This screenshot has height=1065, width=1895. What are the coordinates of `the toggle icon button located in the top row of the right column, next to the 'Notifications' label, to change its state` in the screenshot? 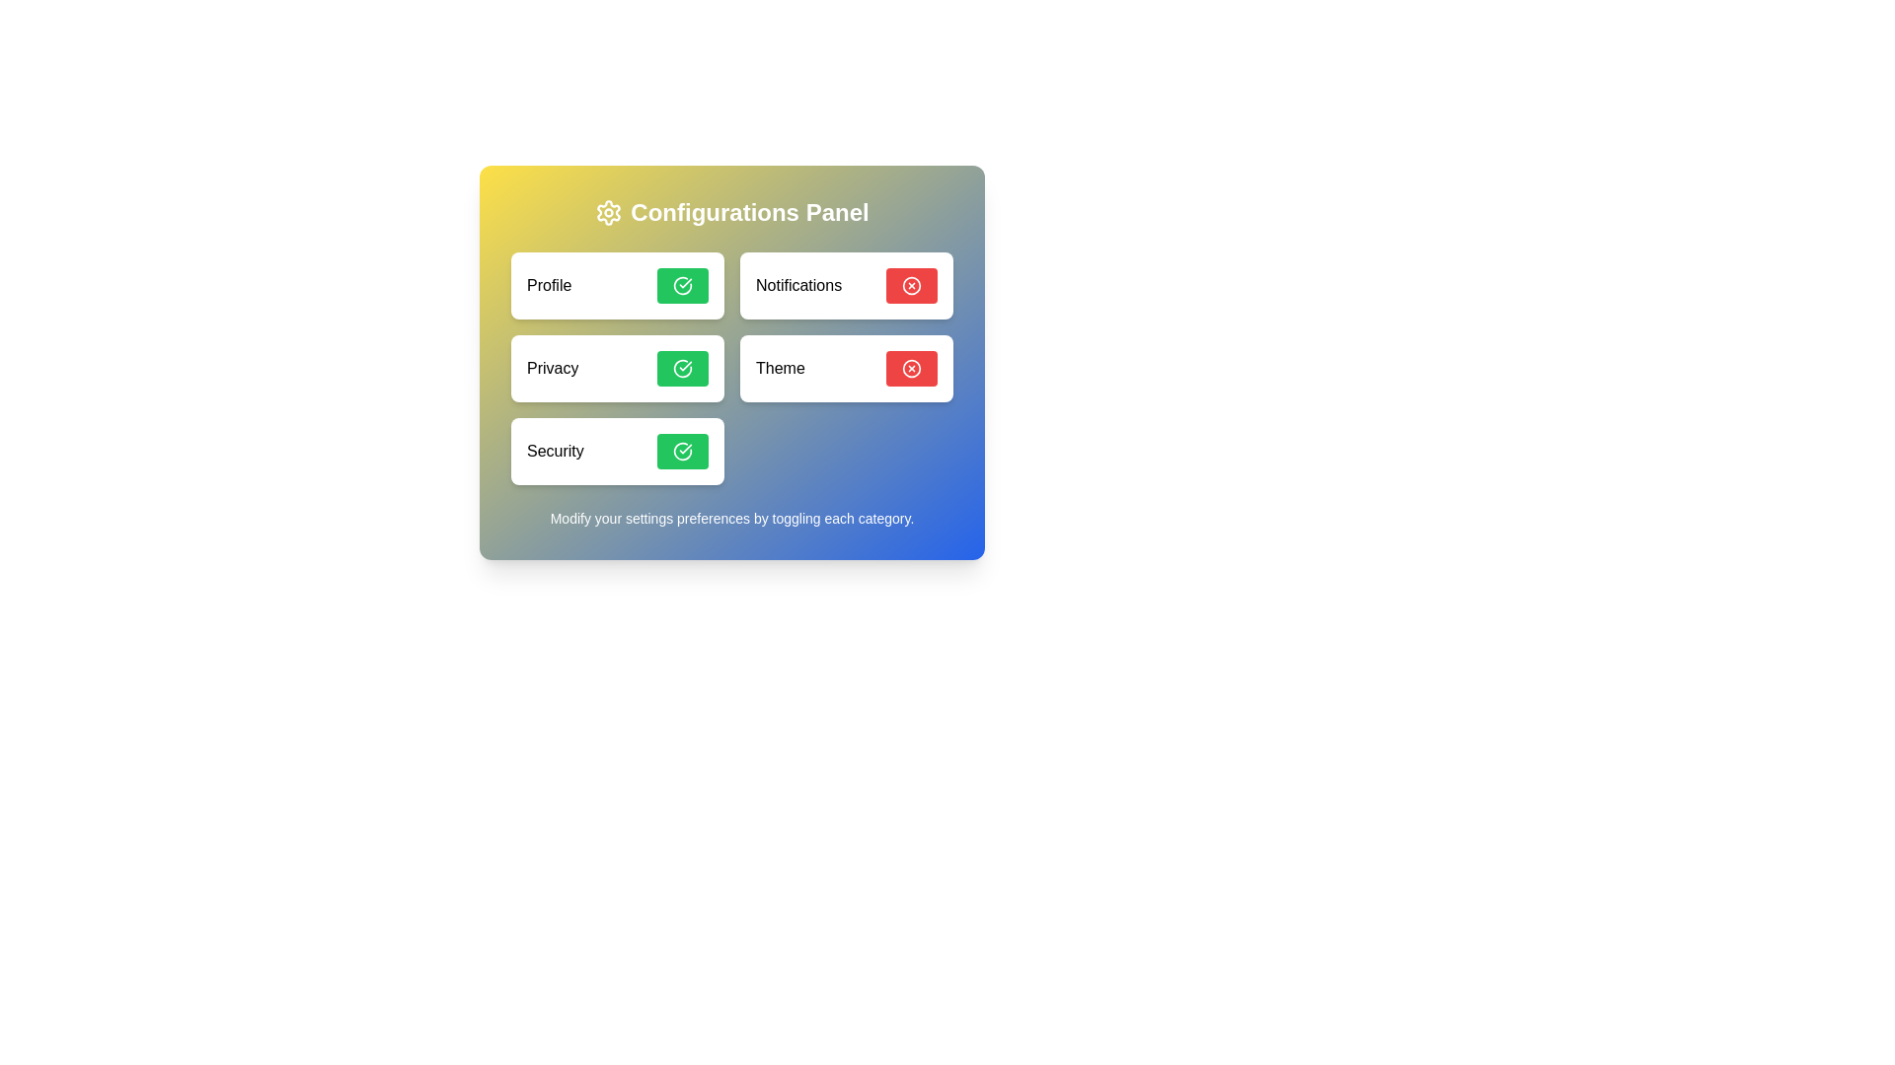 It's located at (911, 285).